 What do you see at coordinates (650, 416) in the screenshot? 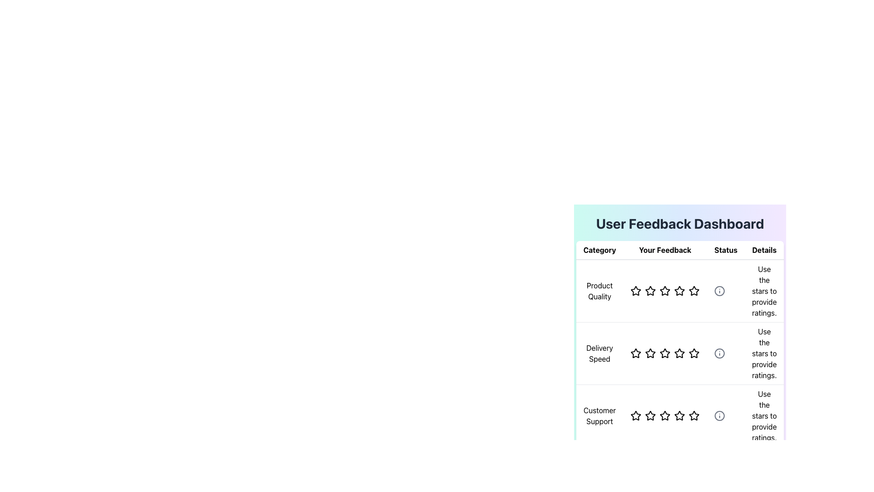
I see `the second rating star icon in the 'Customer Support' row of the feedback table` at bounding box center [650, 416].